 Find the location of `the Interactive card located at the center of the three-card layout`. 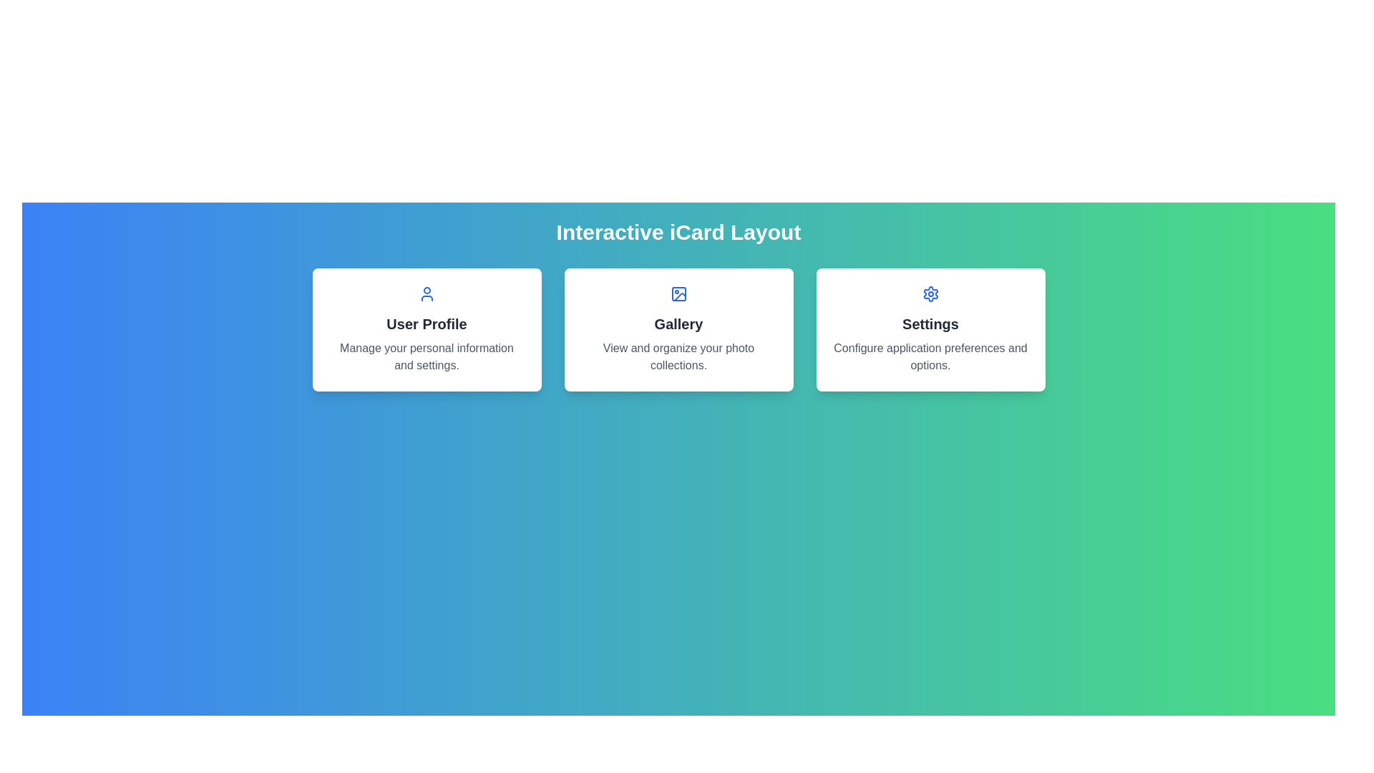

the Interactive card located at the center of the three-card layout is located at coordinates (678, 330).